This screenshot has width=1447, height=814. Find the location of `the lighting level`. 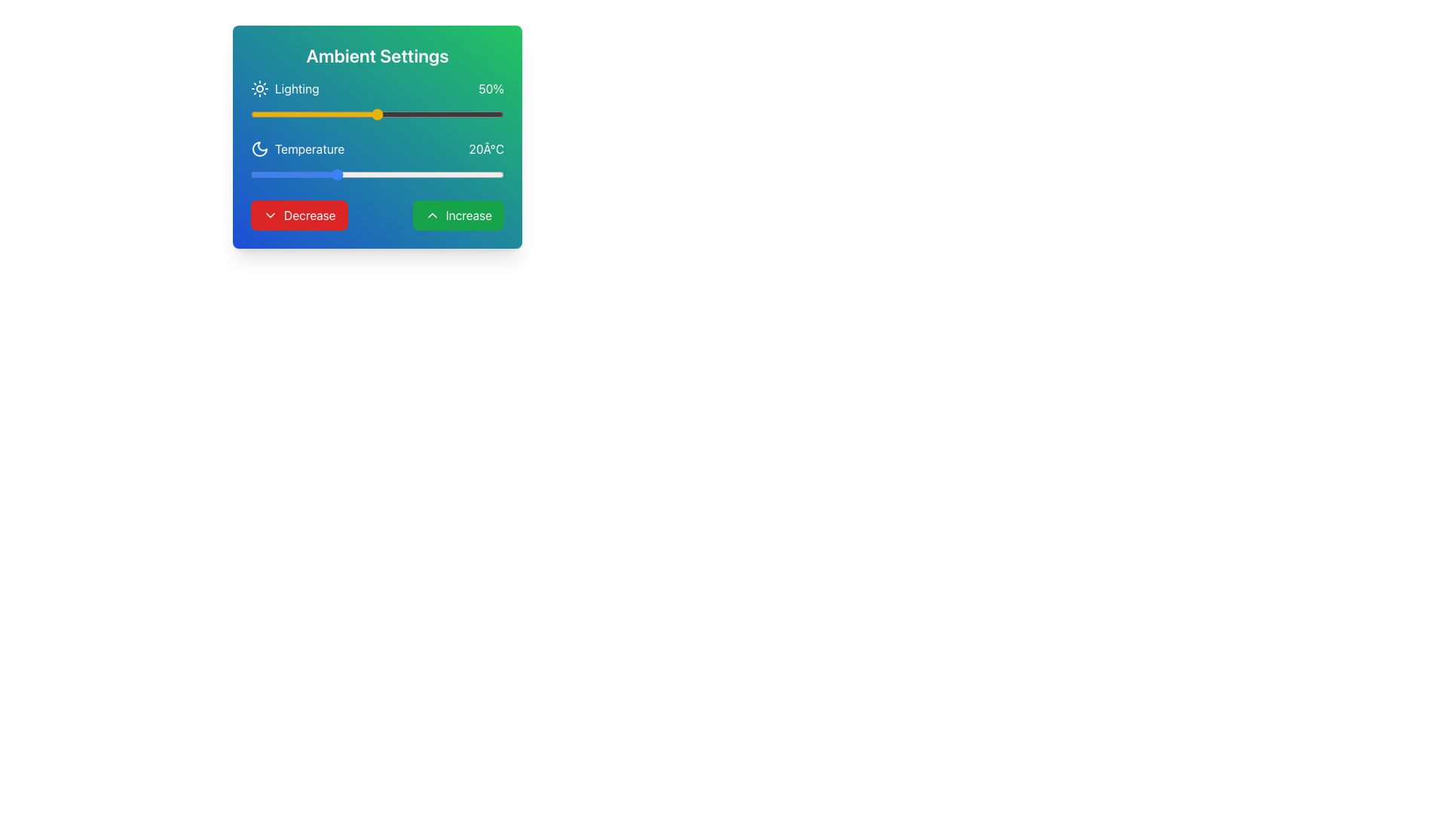

the lighting level is located at coordinates (331, 113).